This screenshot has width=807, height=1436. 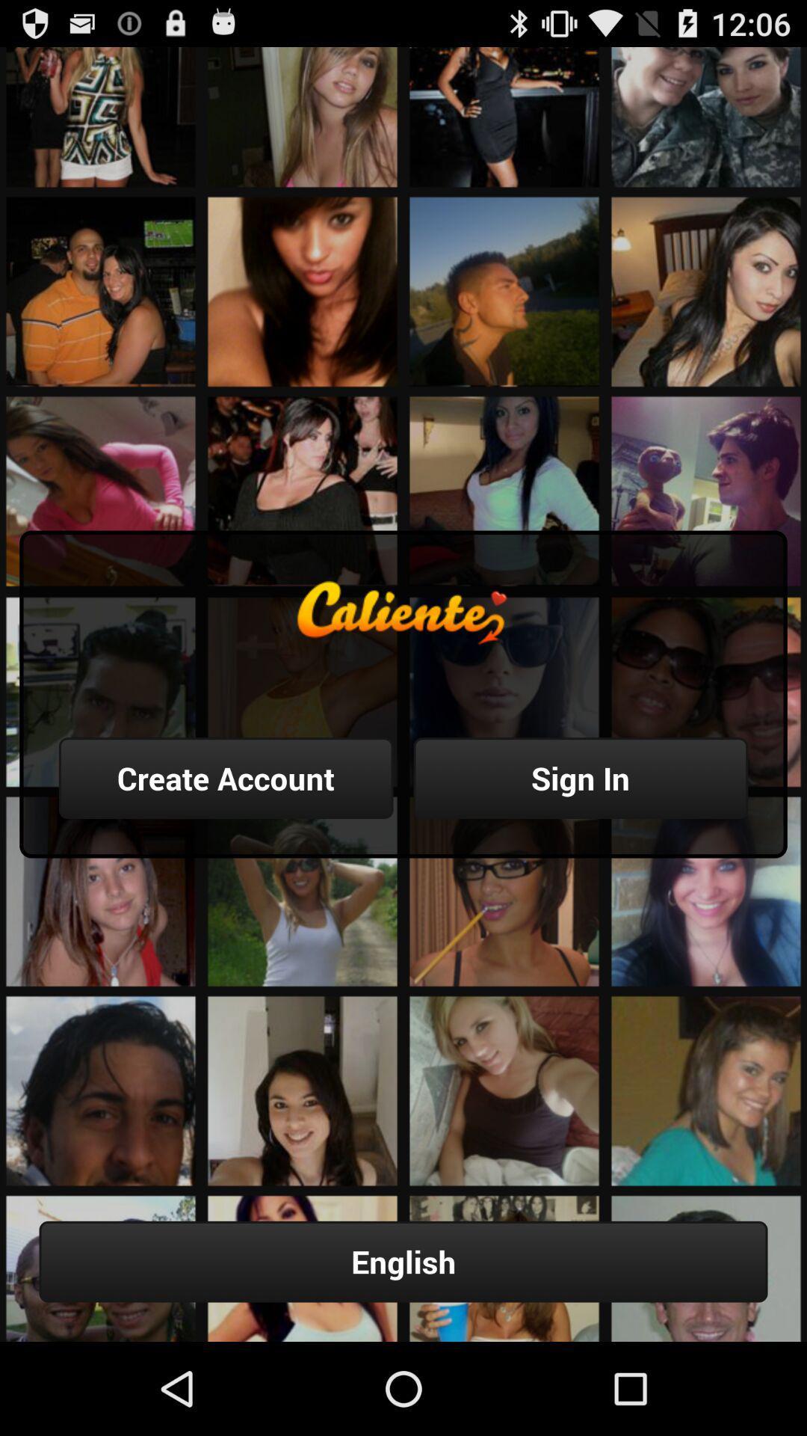 I want to click on icon on the left, so click(x=226, y=778).